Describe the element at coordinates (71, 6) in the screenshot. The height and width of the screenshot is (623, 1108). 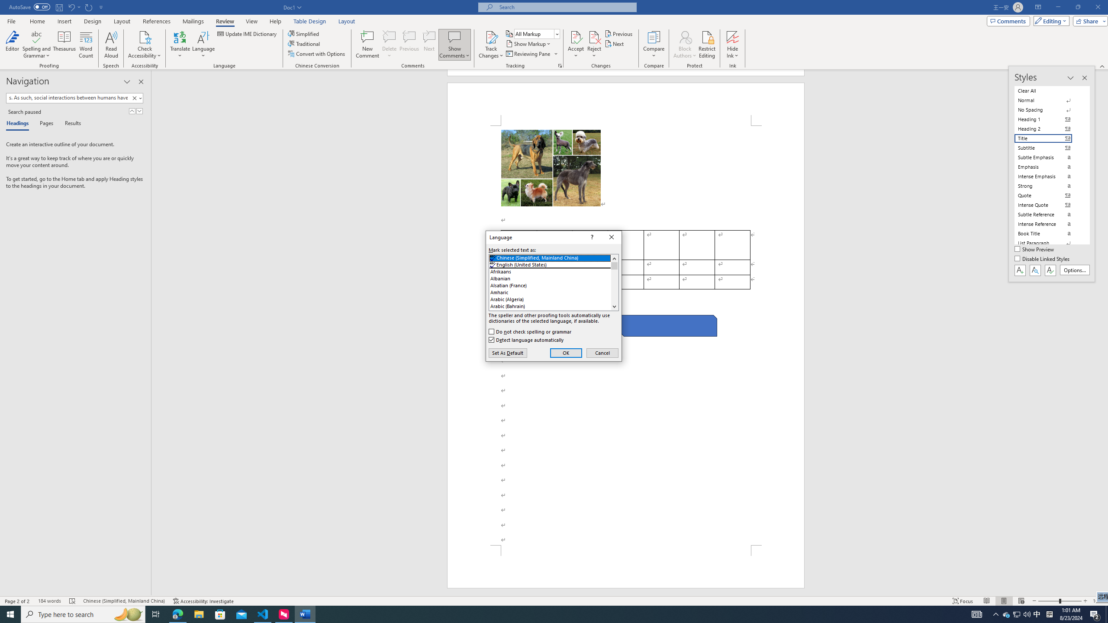
I see `'Undo Style'` at that location.